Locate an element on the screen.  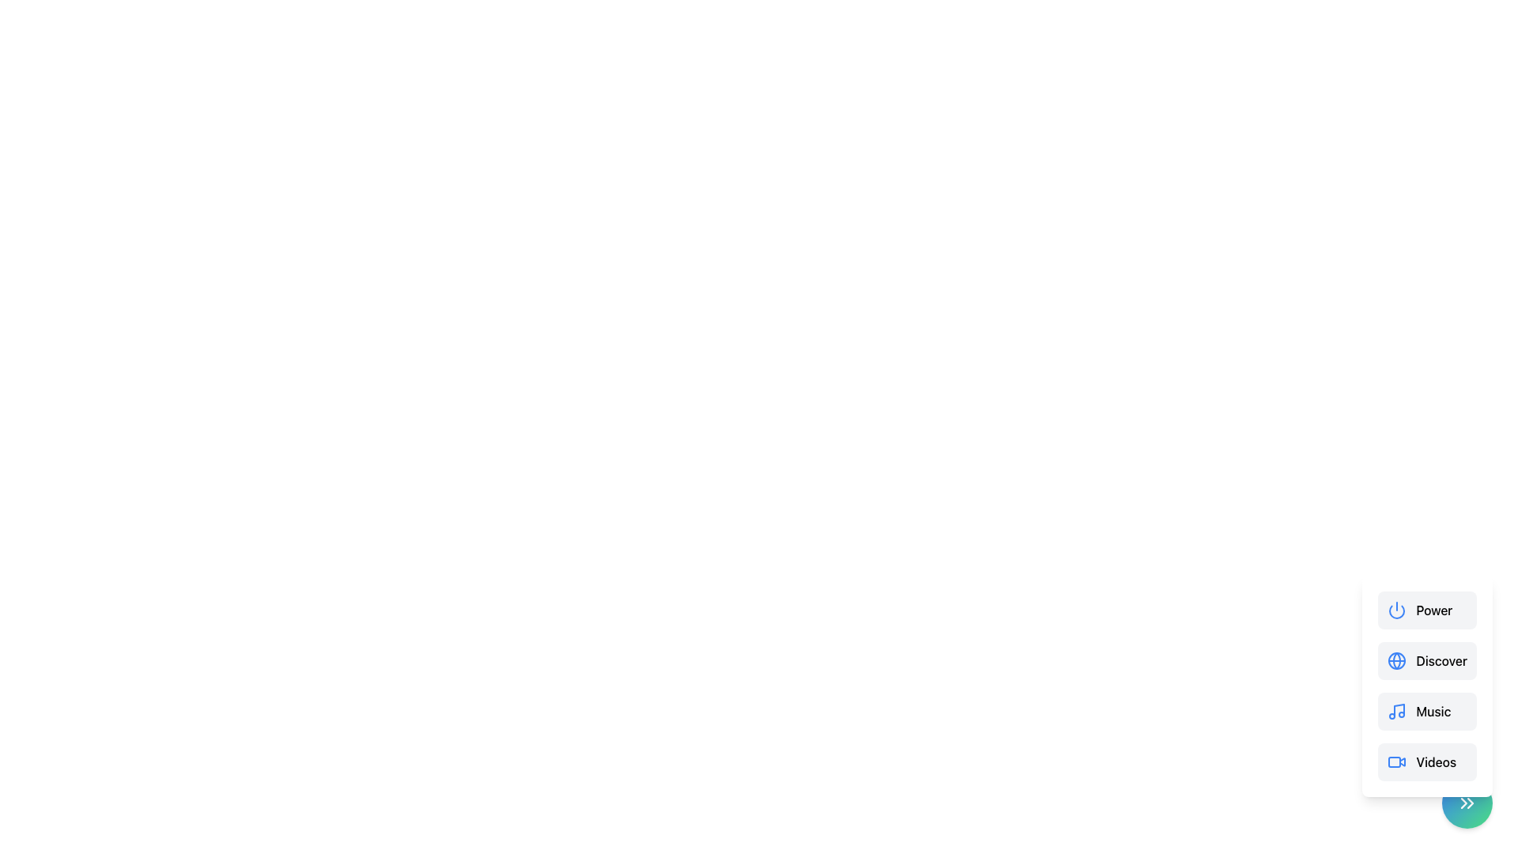
the circular button is located at coordinates (1467, 803).